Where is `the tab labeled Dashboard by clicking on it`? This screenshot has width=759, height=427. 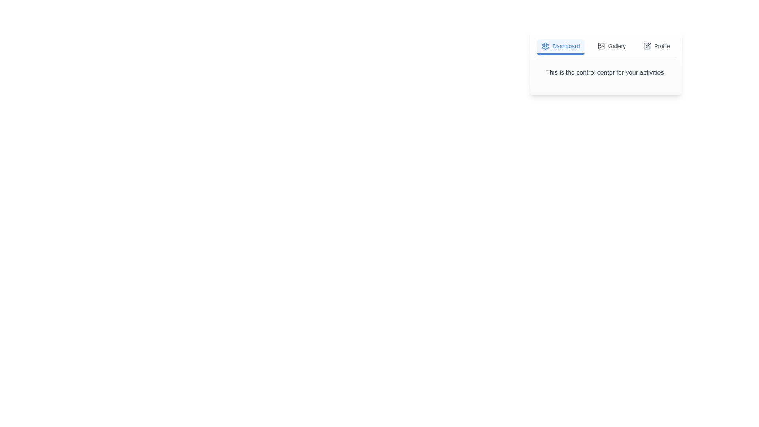 the tab labeled Dashboard by clicking on it is located at coordinates (560, 47).